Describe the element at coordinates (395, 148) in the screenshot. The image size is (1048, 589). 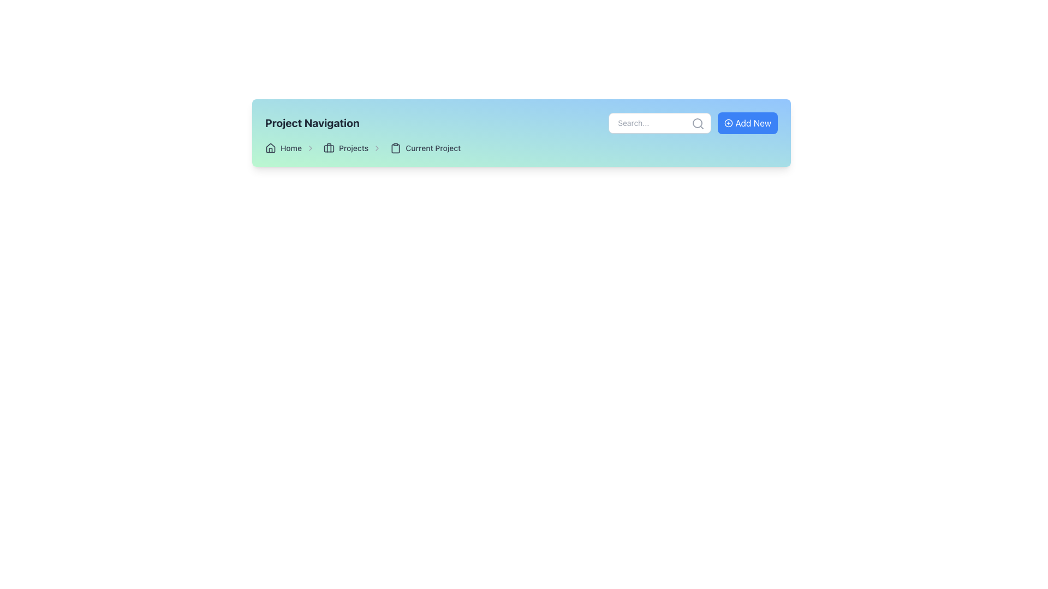
I see `the 'Current Project' icon in the navigation breadcrumb bar` at that location.